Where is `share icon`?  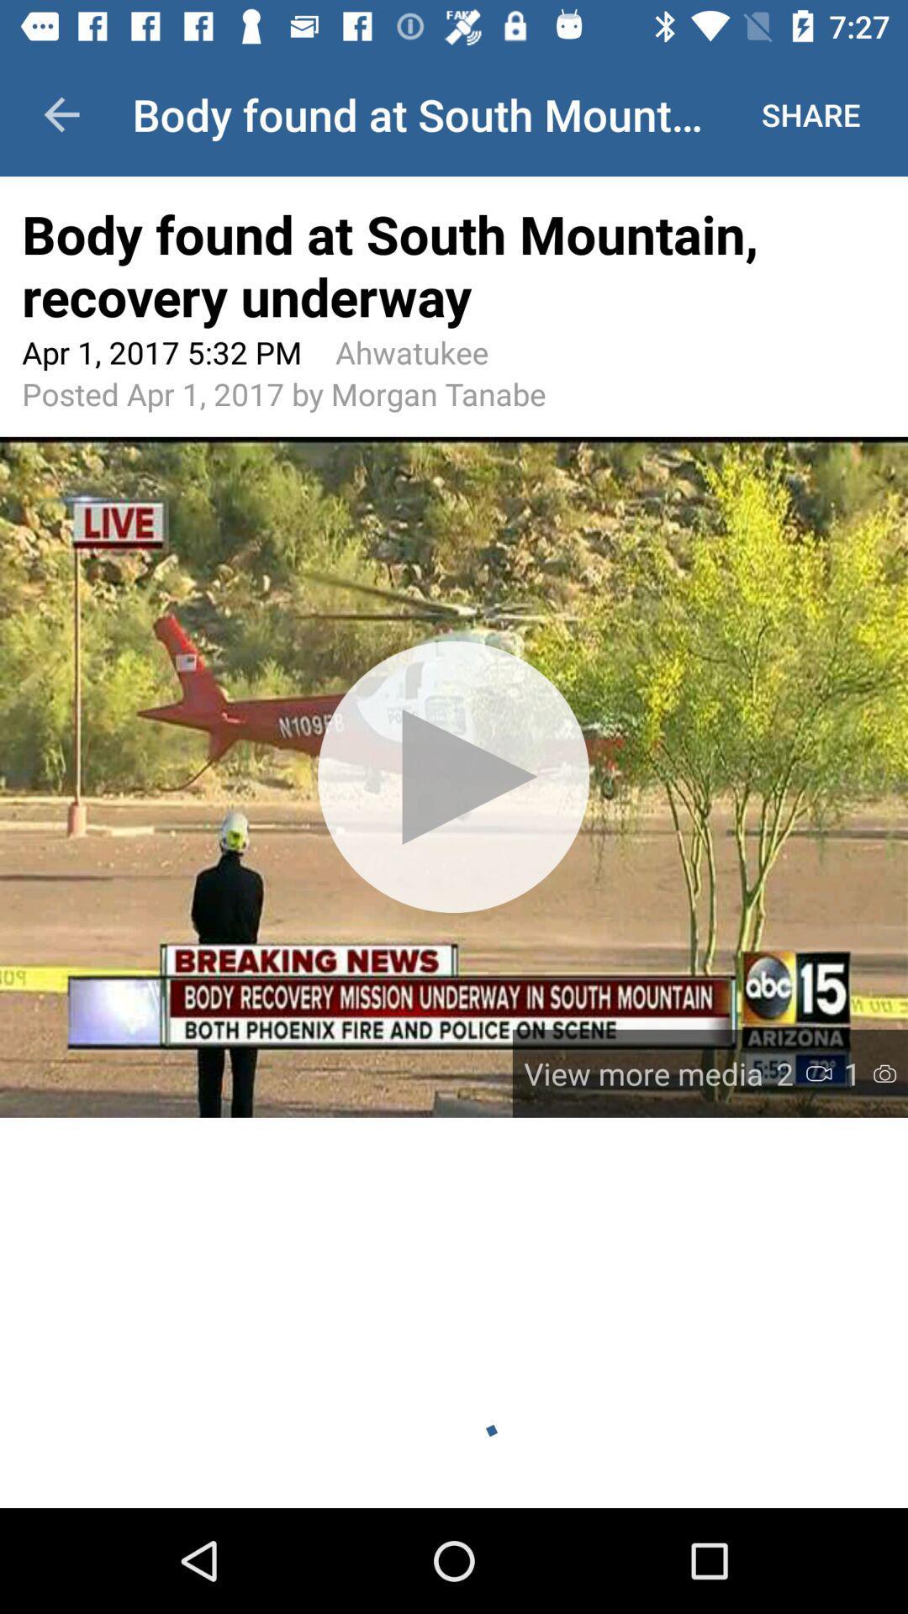 share icon is located at coordinates (810, 113).